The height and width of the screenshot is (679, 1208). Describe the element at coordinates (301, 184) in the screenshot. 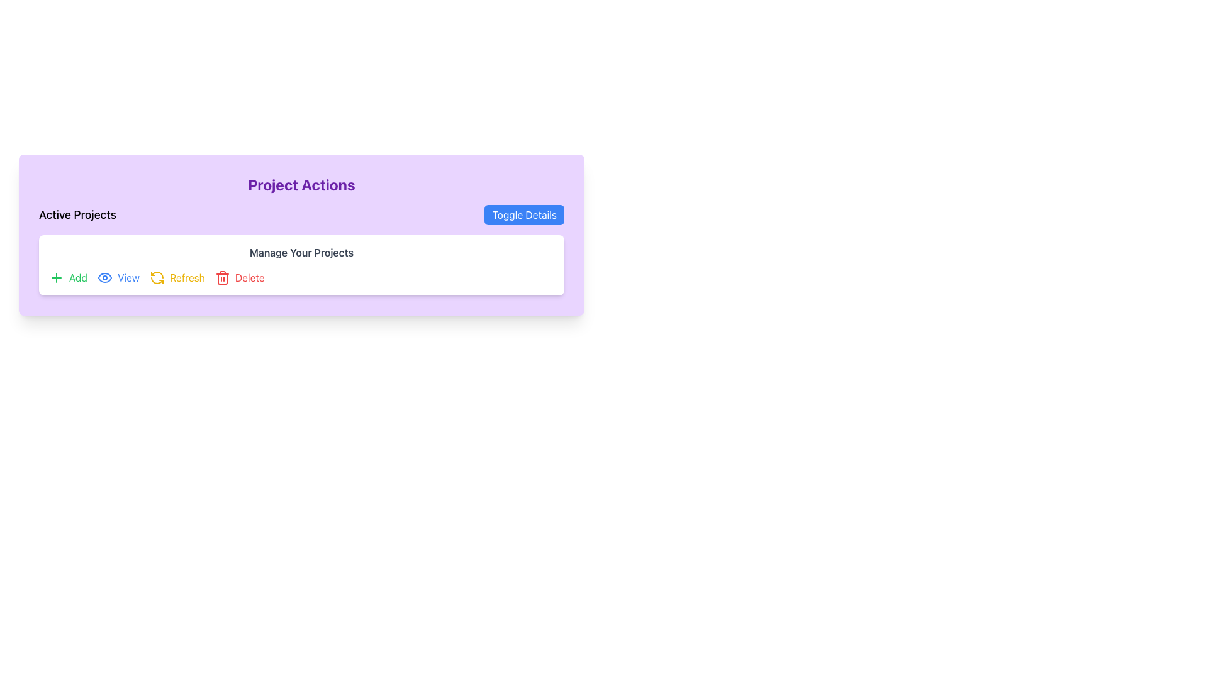

I see `the 'Project Actions' text label, which is styled in bold and large purple font on a light purple background, located at the top of the section` at that location.